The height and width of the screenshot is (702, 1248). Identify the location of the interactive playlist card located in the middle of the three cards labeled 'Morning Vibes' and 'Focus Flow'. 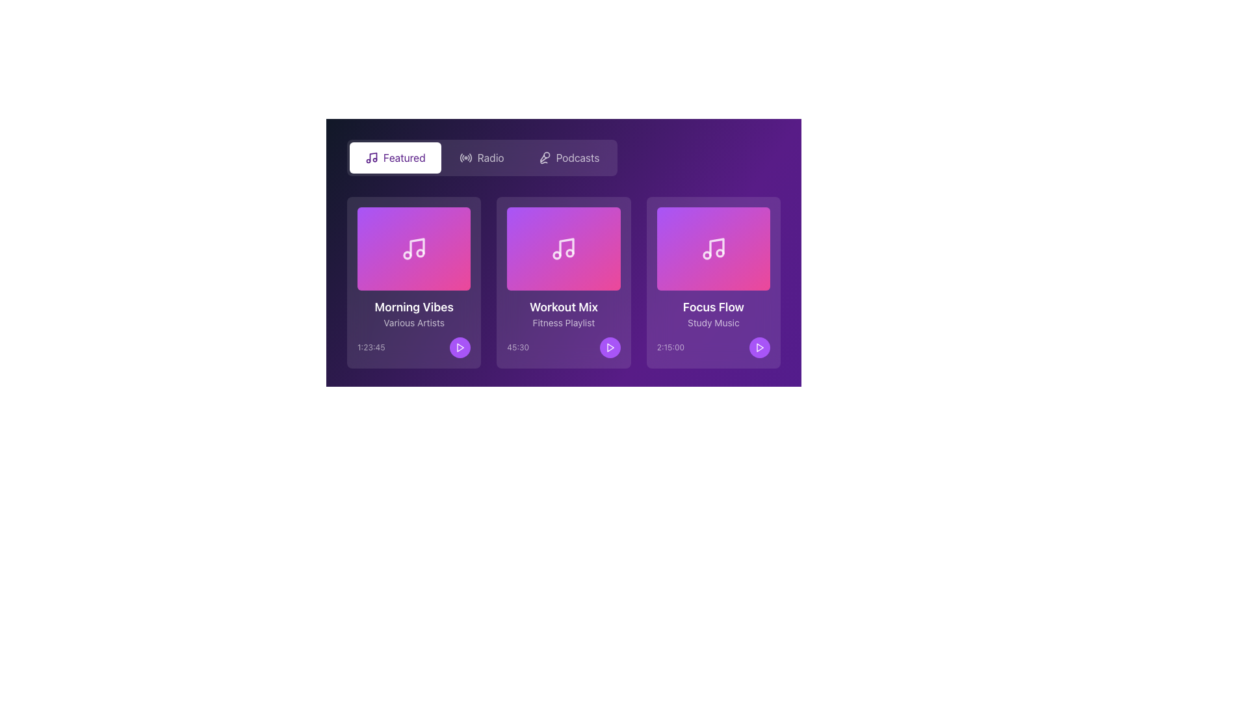
(564, 282).